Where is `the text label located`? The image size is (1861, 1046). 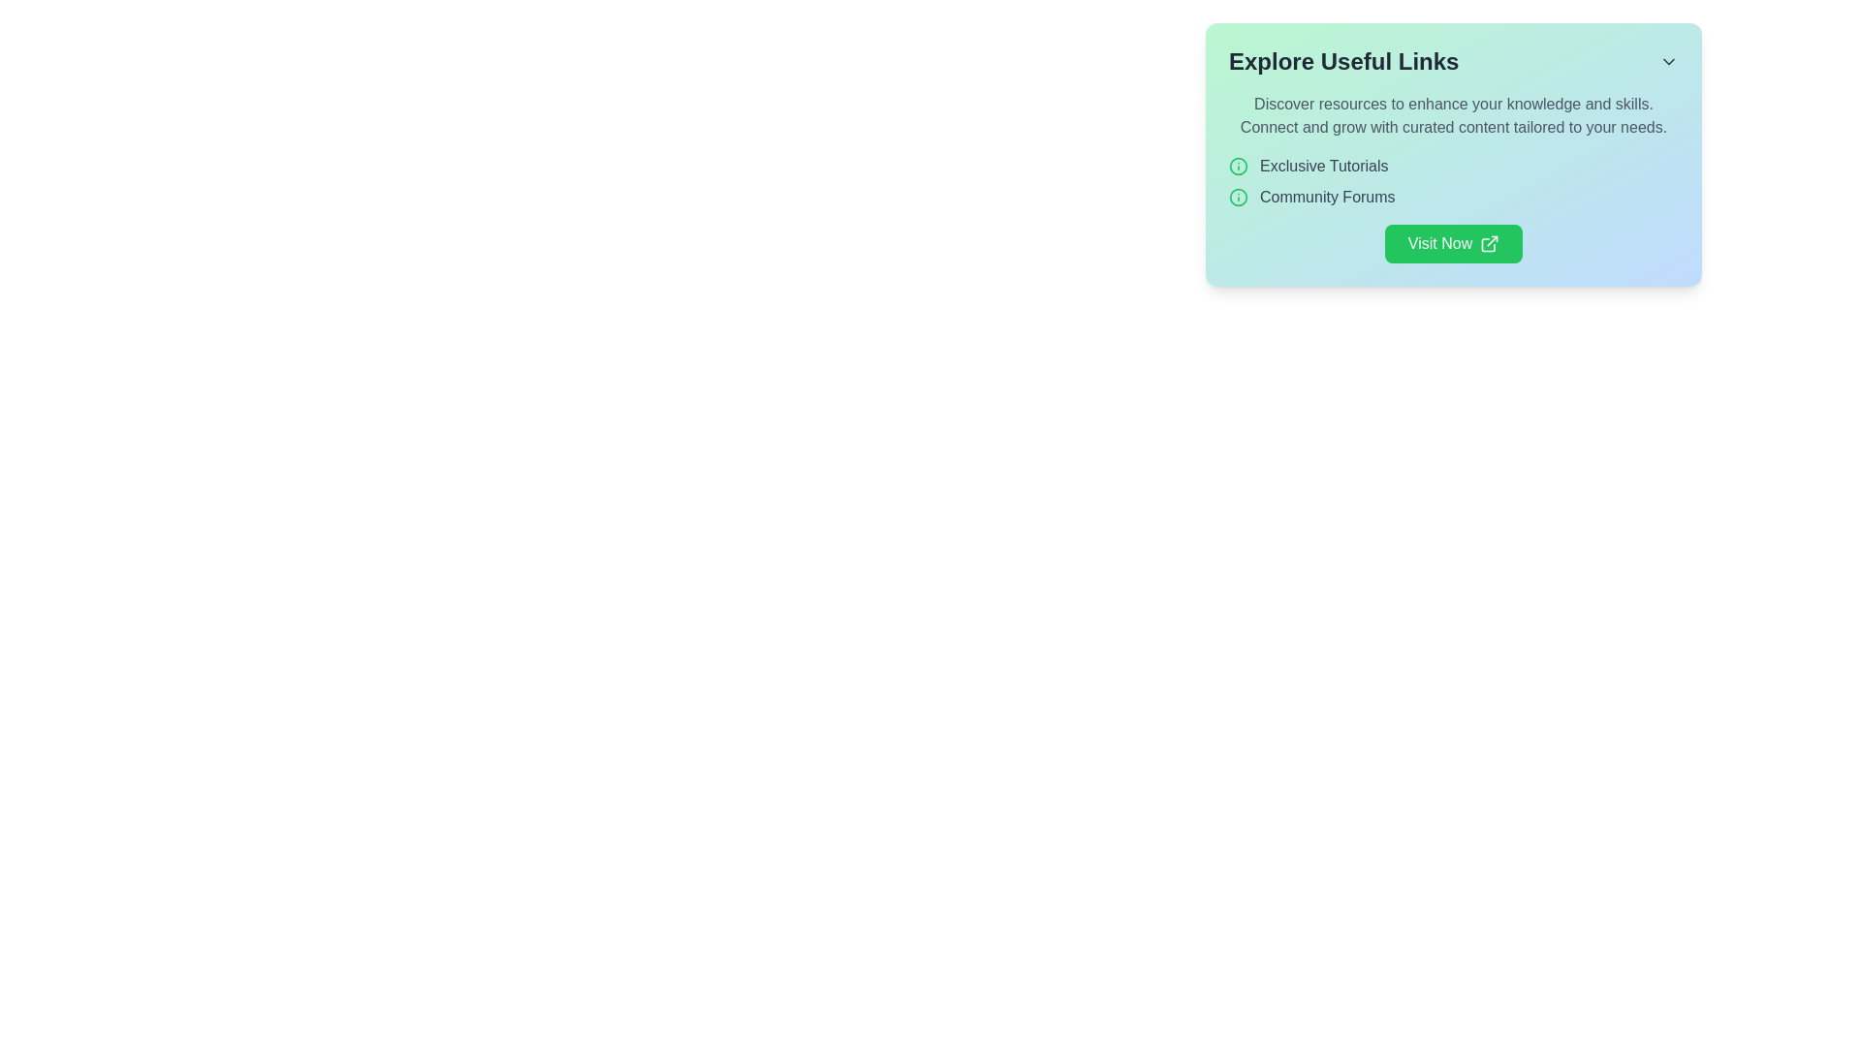
the text label located is located at coordinates (1323, 166).